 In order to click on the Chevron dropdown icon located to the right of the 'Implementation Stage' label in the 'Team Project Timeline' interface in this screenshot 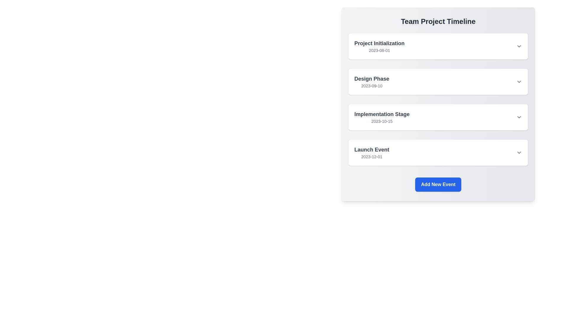, I will do `click(519, 117)`.